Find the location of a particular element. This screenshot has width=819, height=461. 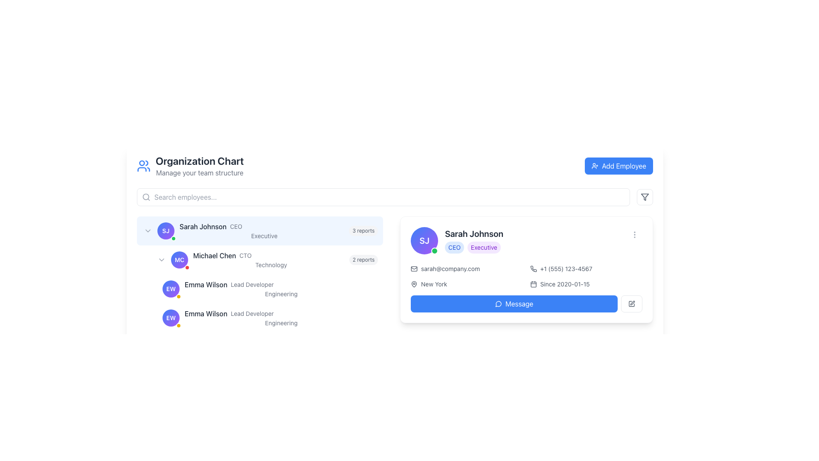

the static text label indicating the department 'Engineering' located under the name 'Emma Wilson' and title 'Lead Developer' in the organization chart is located at coordinates (281, 323).